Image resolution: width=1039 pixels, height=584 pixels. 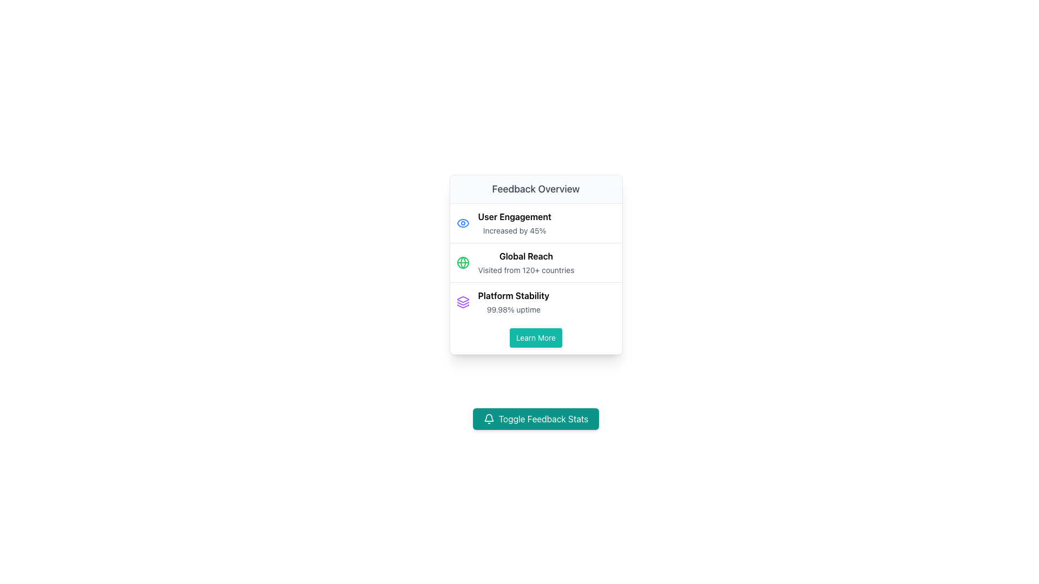 I want to click on the teal 'Learn More' button located at the bottom of the 'Feedback Overview' card, directly below the 'Platform Stability' section, so click(x=536, y=337).